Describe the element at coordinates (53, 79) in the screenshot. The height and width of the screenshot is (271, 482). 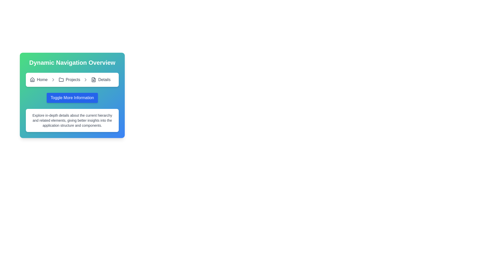
I see `the first chevron icon in the breadcrumb navigation that separates 'Home' and 'Projects'` at that location.